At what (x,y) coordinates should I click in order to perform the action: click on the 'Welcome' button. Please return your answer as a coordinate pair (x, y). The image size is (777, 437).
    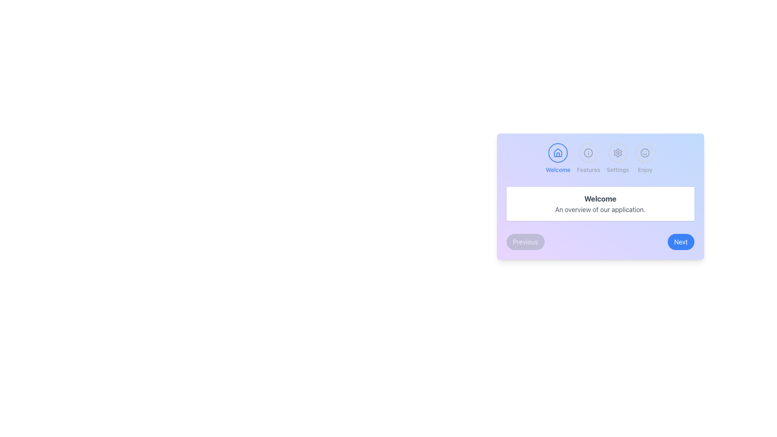
    Looking at the image, I should click on (558, 153).